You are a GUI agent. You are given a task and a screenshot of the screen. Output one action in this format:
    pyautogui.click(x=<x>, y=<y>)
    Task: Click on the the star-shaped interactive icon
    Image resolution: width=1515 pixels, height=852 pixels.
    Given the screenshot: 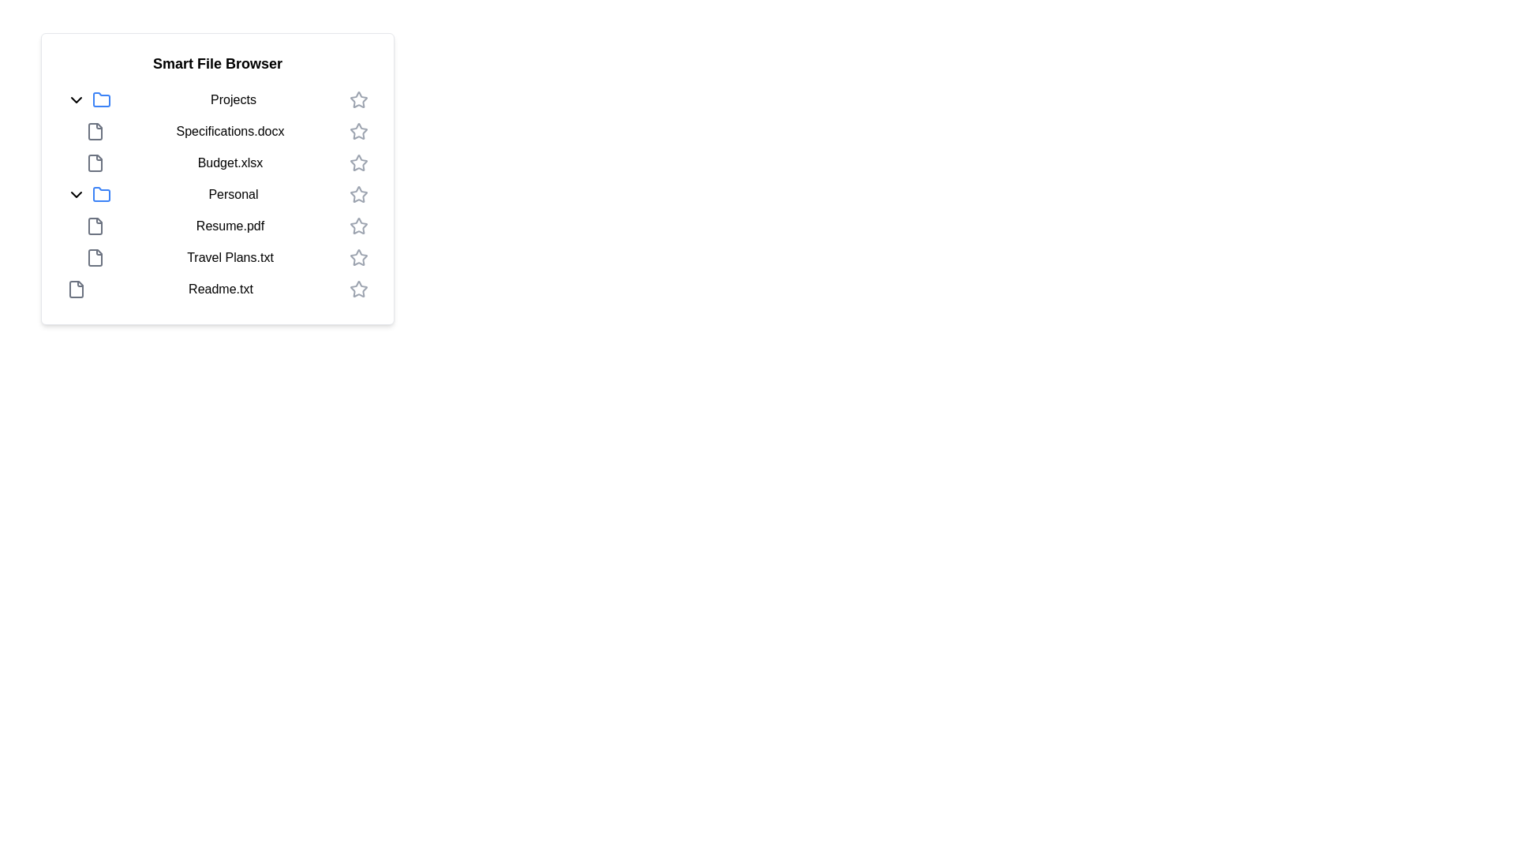 What is the action you would take?
    pyautogui.click(x=358, y=99)
    